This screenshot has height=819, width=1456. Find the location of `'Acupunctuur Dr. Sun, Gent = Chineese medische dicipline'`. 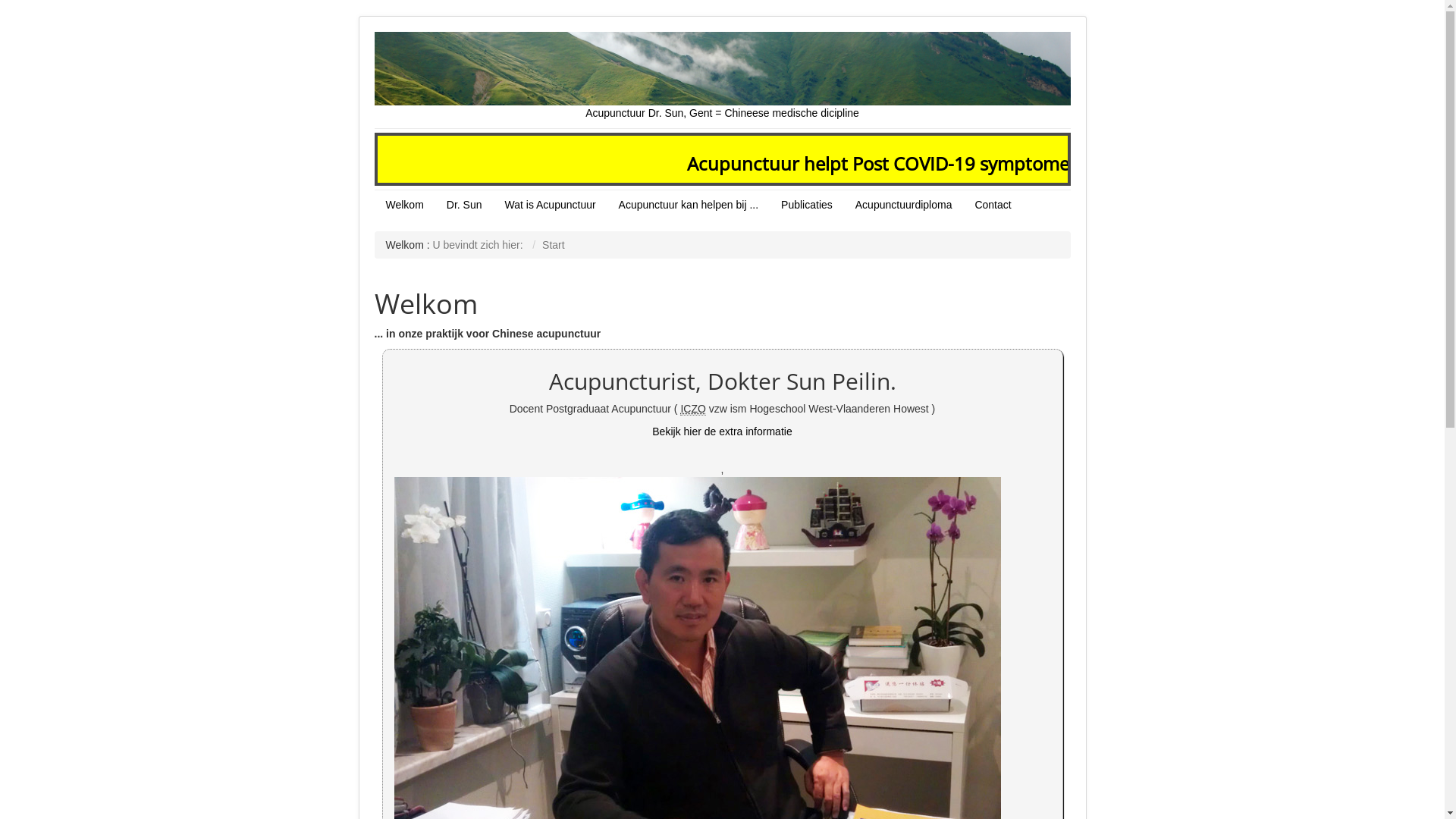

'Acupunctuur Dr. Sun, Gent = Chineese medische dicipline' is located at coordinates (722, 76).